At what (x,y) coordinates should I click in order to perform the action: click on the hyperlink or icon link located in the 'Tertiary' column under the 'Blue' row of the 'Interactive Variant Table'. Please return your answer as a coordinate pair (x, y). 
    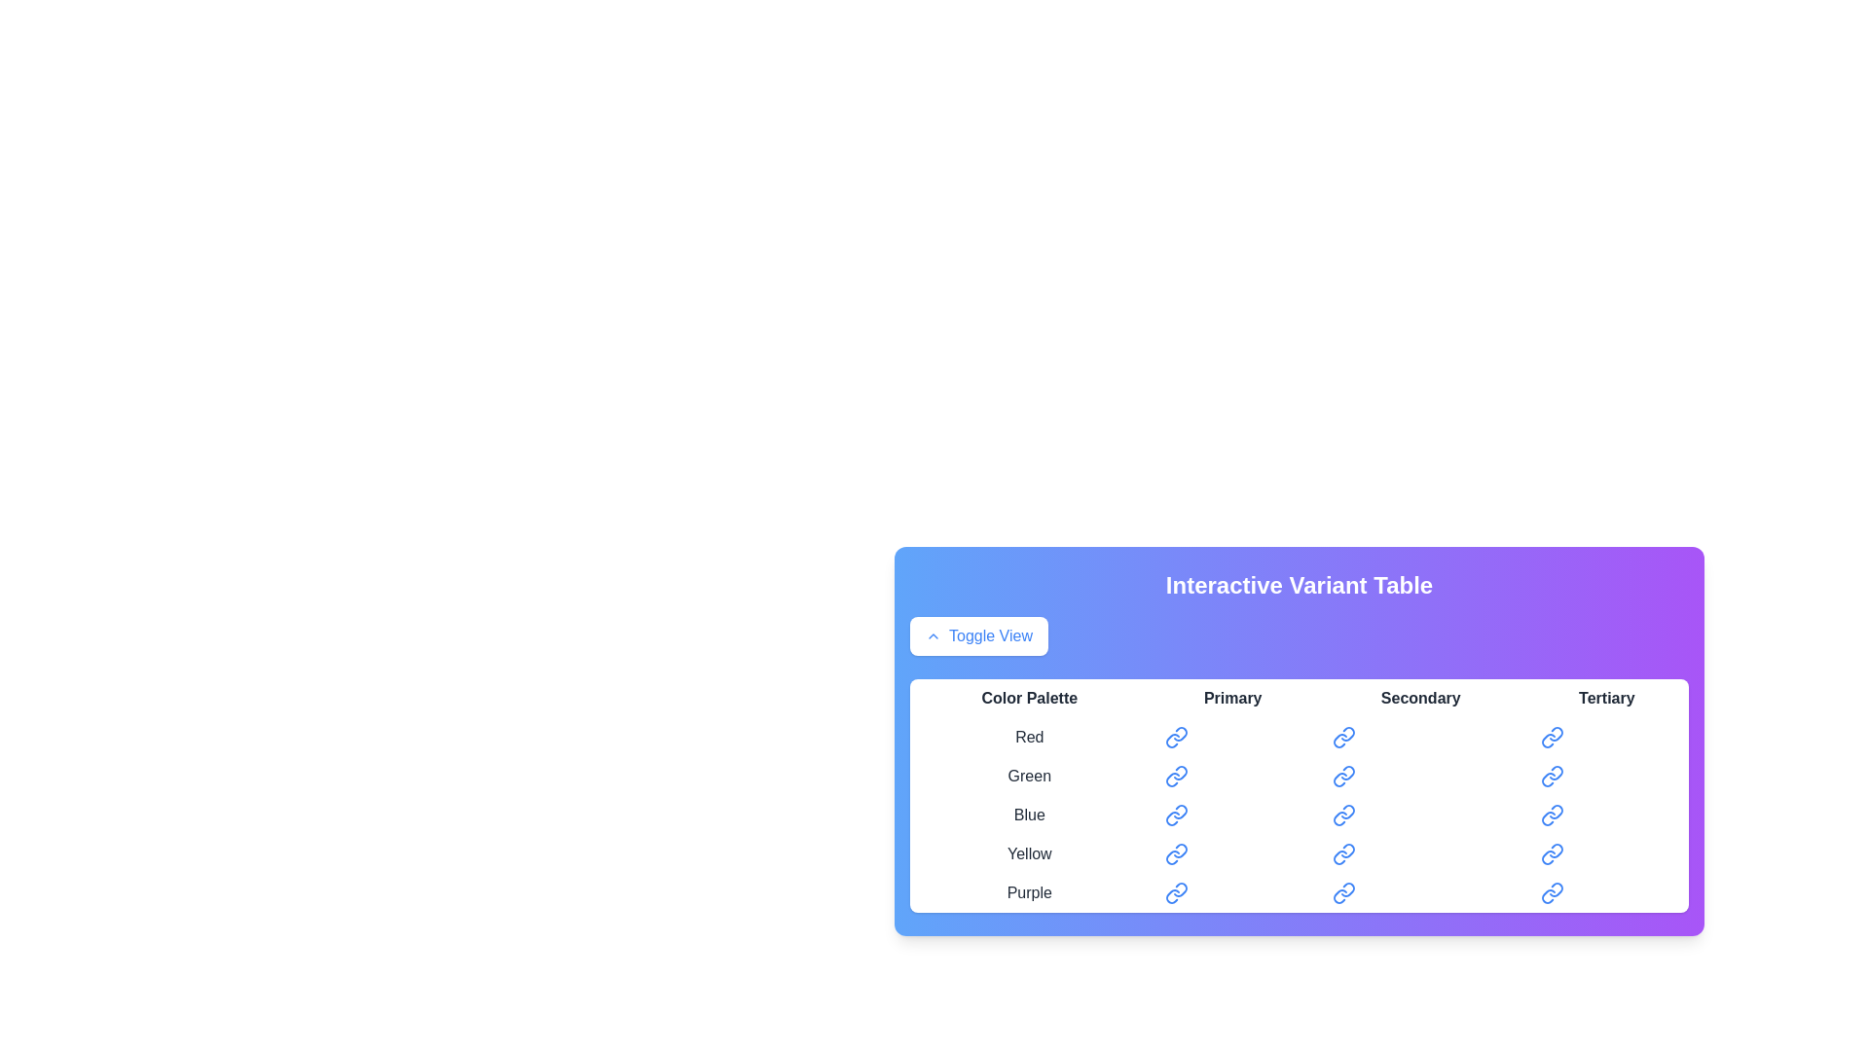
    Looking at the image, I should click on (1551, 815).